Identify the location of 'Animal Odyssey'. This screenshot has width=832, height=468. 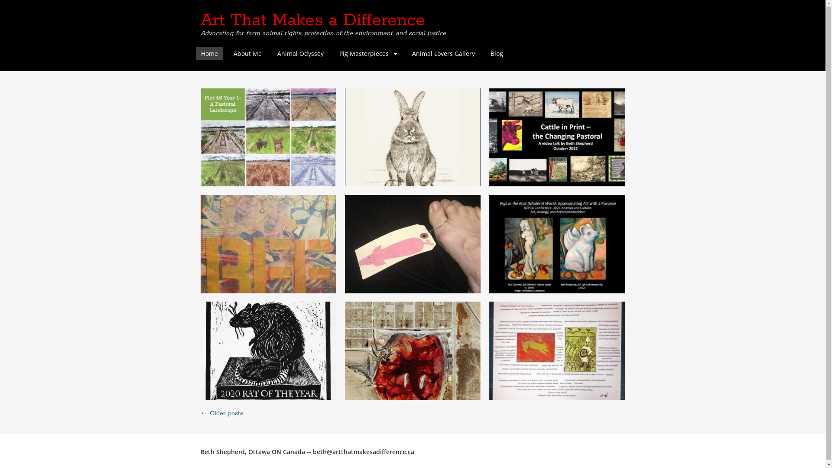
(272, 53).